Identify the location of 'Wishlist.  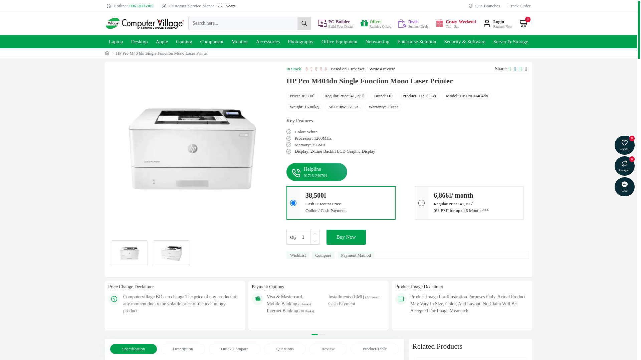
(624, 145).